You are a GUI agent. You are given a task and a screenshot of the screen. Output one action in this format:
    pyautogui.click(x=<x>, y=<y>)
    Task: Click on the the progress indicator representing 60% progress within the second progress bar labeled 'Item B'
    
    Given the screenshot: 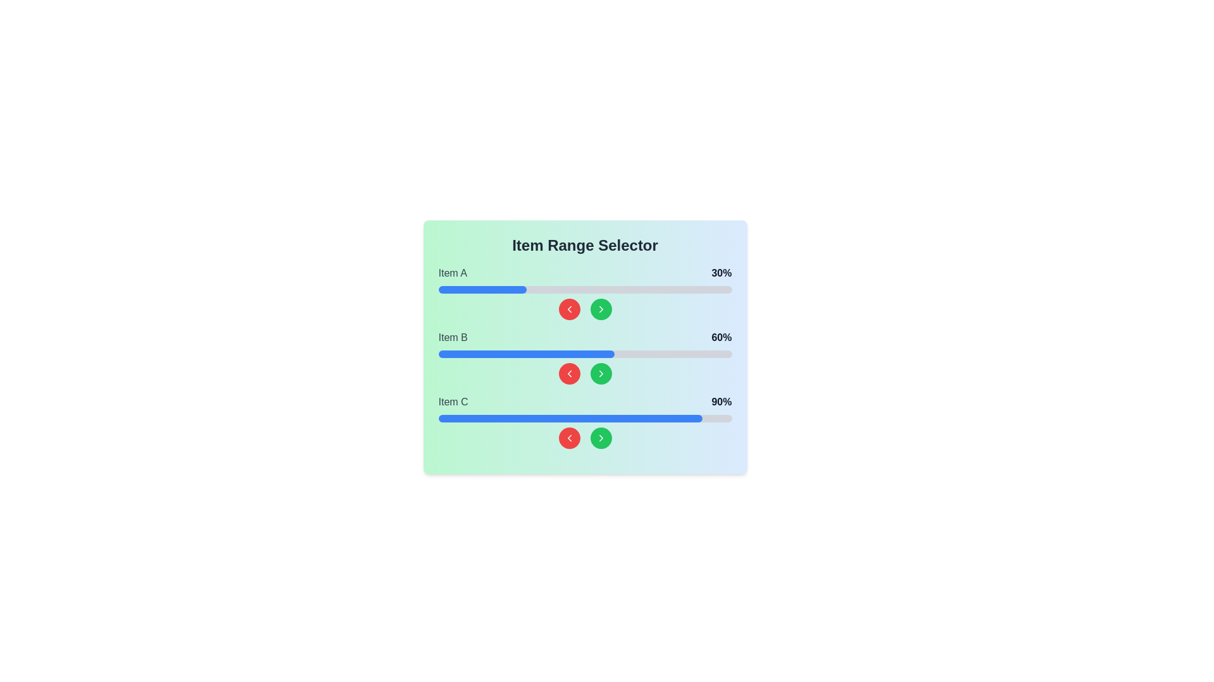 What is the action you would take?
    pyautogui.click(x=526, y=354)
    